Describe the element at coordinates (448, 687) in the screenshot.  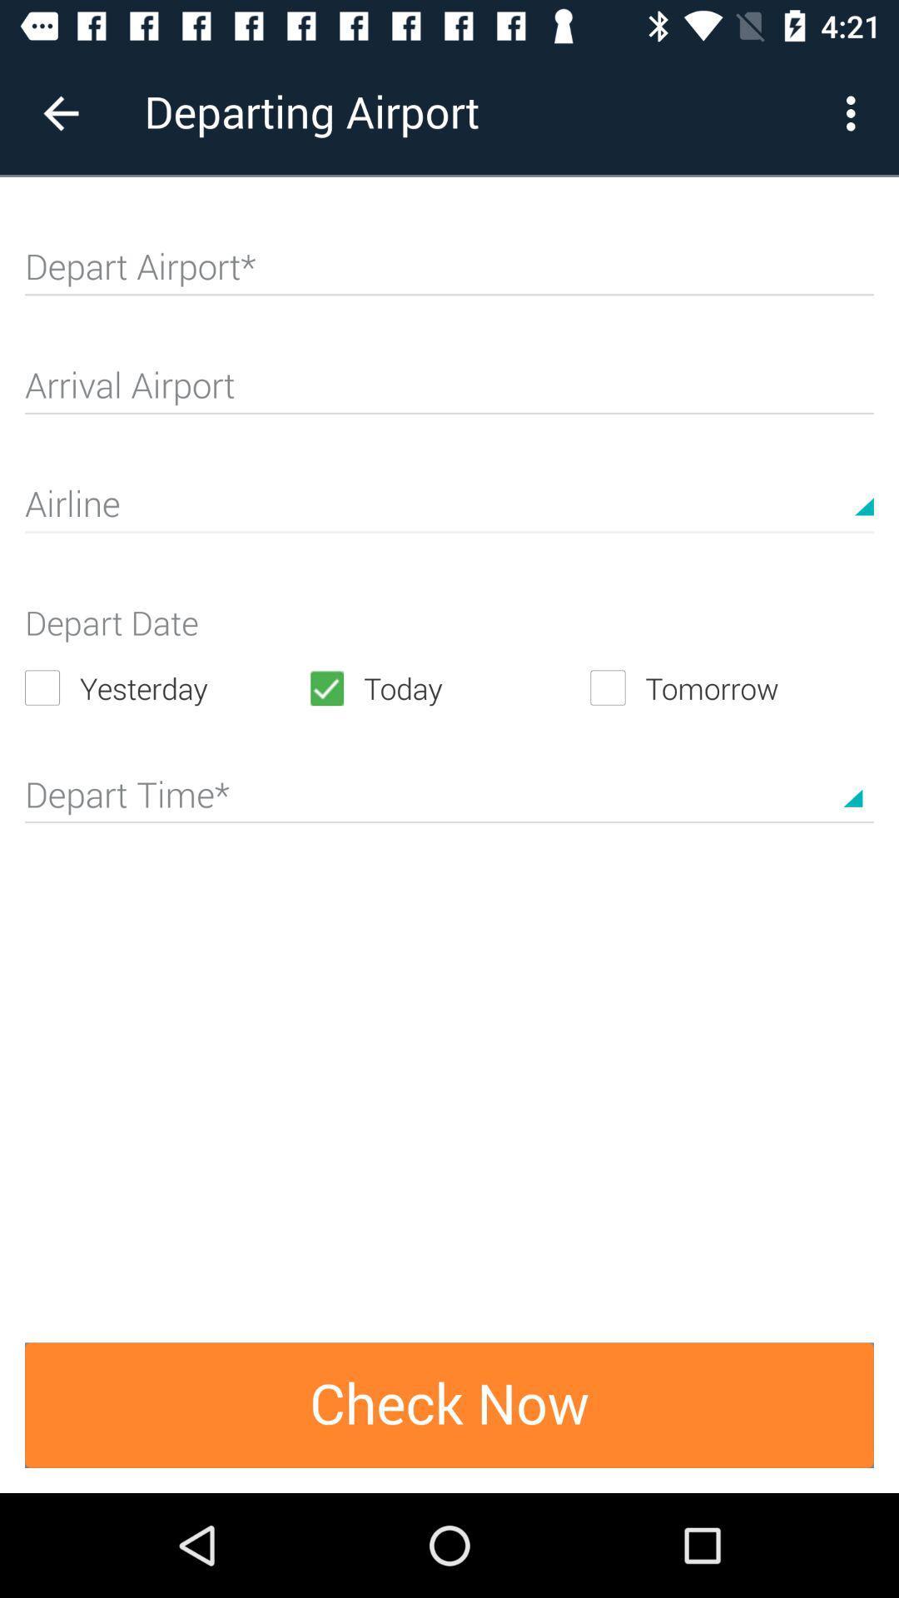
I see `the icon to the right of the yesterday item` at that location.